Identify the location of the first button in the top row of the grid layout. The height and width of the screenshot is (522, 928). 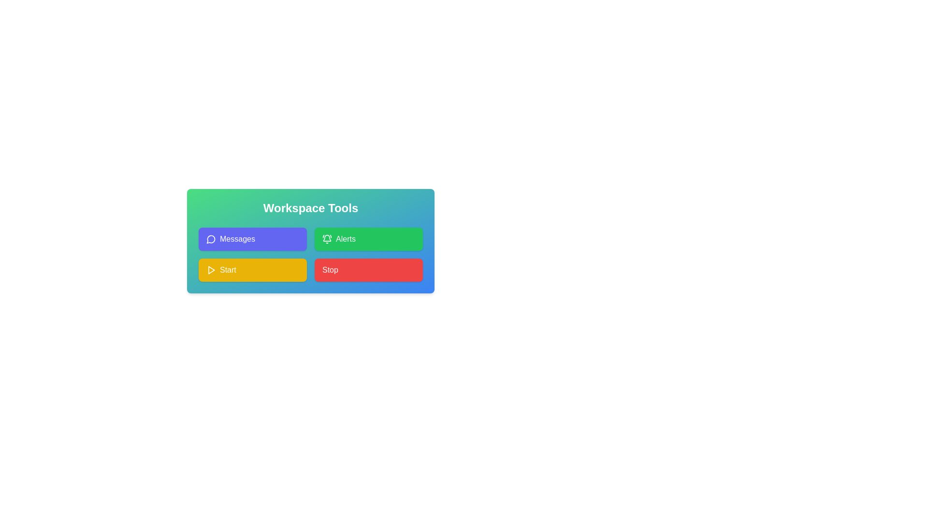
(253, 239).